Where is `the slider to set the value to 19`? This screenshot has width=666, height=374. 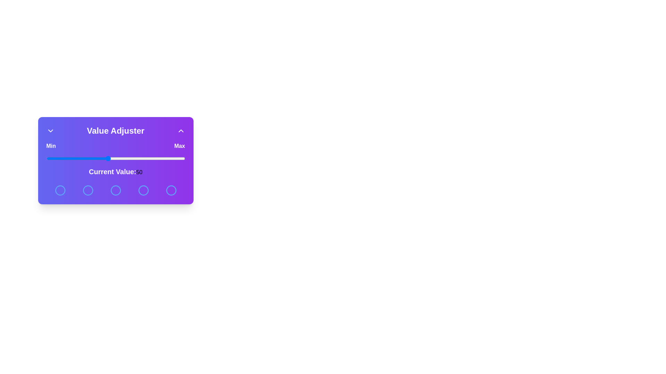 the slider to set the value to 19 is located at coordinates (60, 159).